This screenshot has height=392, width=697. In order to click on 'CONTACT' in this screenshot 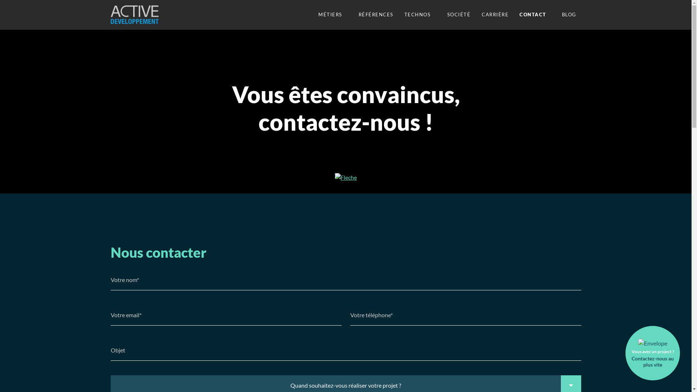, I will do `click(533, 15)`.